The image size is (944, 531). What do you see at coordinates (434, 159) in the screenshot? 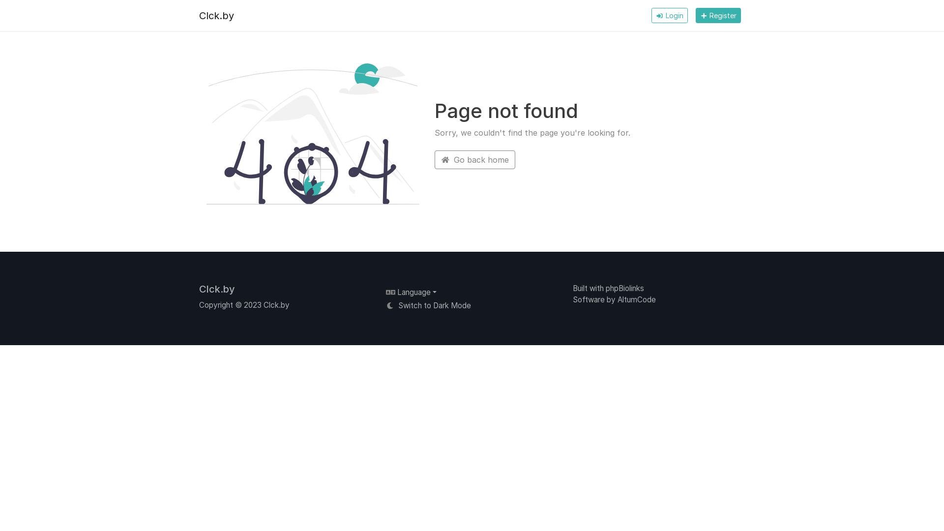
I see `'Go back home'` at bounding box center [434, 159].